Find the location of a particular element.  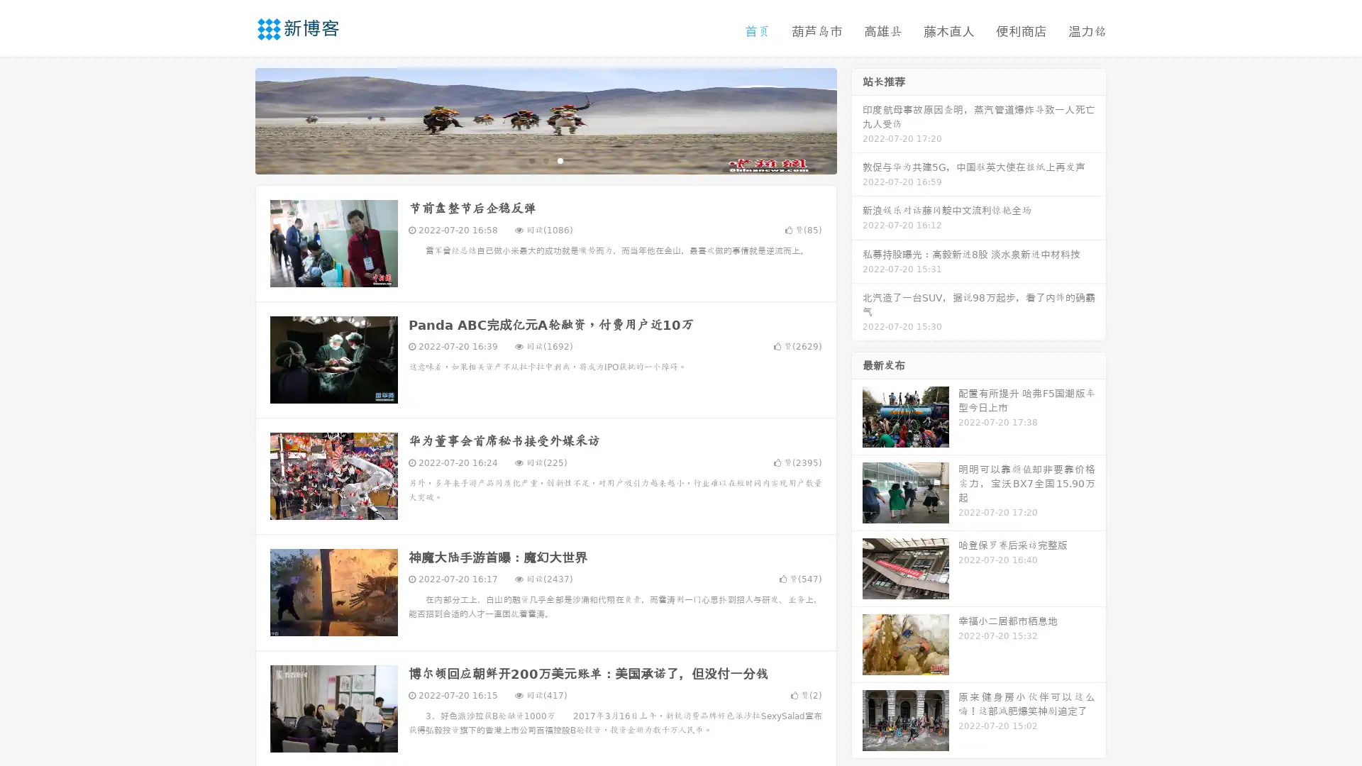

Go to slide 2 is located at coordinates (545, 160).